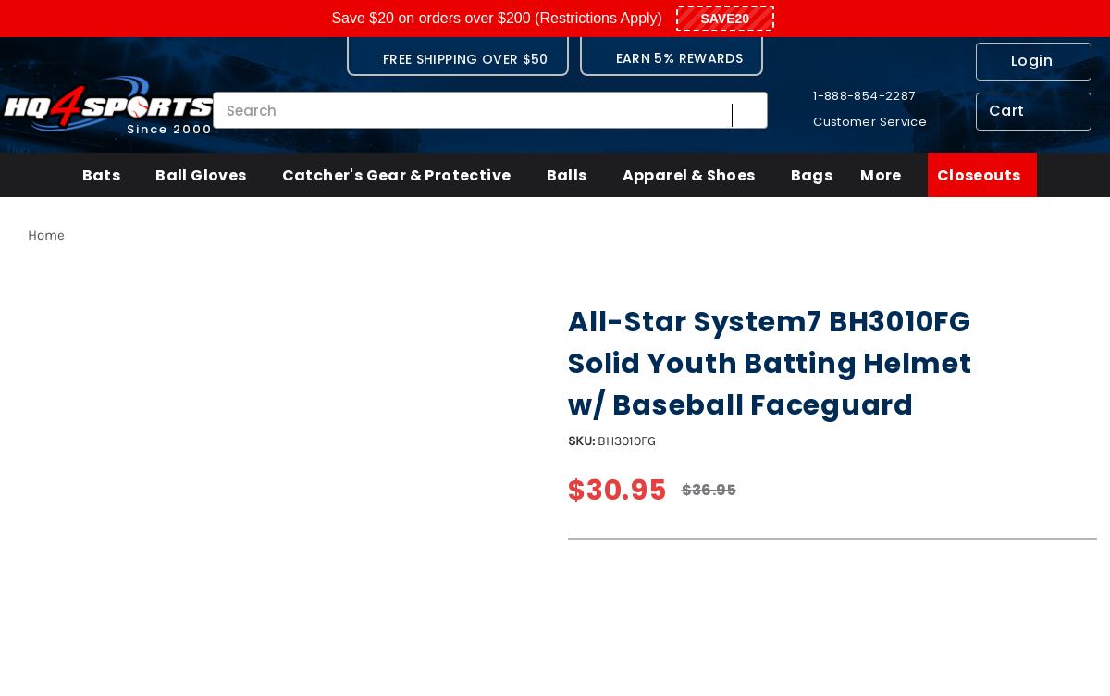 This screenshot has width=1110, height=696. Describe the element at coordinates (626, 440) in the screenshot. I see `'BH3010FG'` at that location.